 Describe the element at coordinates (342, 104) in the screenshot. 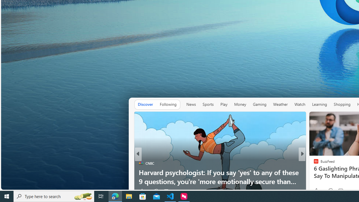

I see `'Shopping'` at that location.